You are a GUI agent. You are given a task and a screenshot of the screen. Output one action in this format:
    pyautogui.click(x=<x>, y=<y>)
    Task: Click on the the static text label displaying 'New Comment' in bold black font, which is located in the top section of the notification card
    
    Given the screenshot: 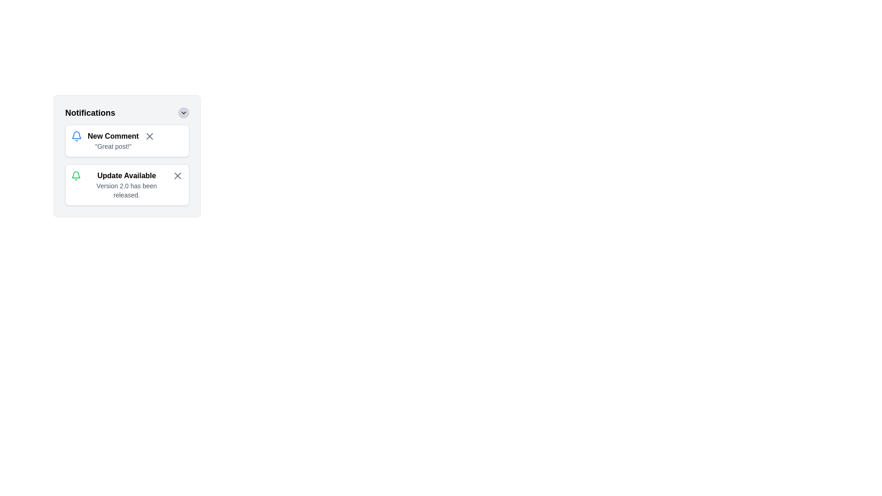 What is the action you would take?
    pyautogui.click(x=113, y=136)
    